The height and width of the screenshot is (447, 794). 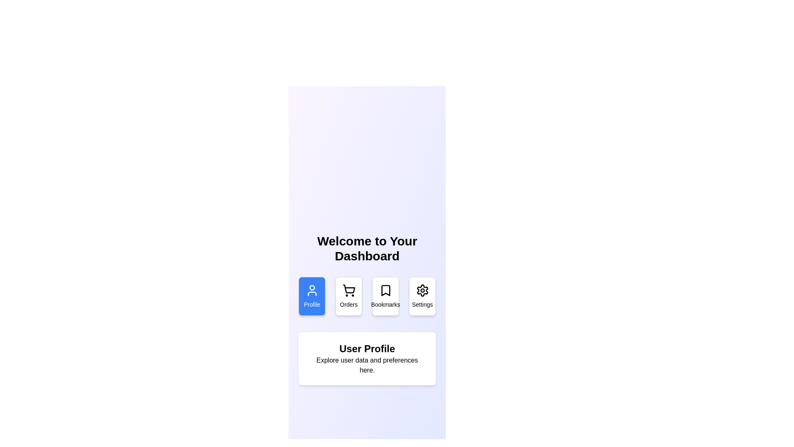 What do you see at coordinates (385, 305) in the screenshot?
I see `the 'Bookmarks' label, which is the third item in the navigation options under 'Welcome to Your Dashboard'` at bounding box center [385, 305].